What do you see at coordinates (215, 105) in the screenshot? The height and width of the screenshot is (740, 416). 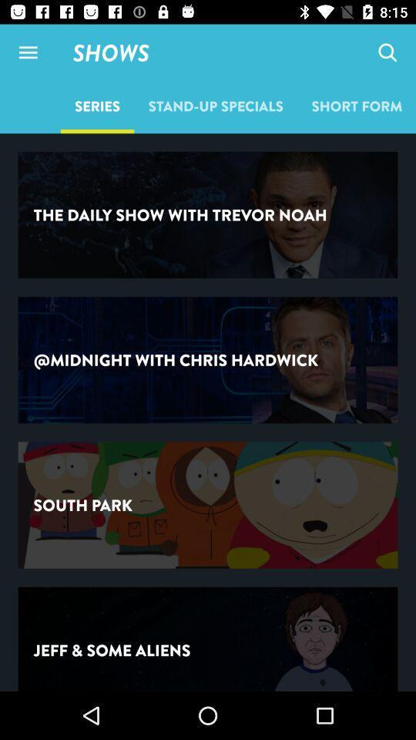 I see `icon to the left of the short form item` at bounding box center [215, 105].